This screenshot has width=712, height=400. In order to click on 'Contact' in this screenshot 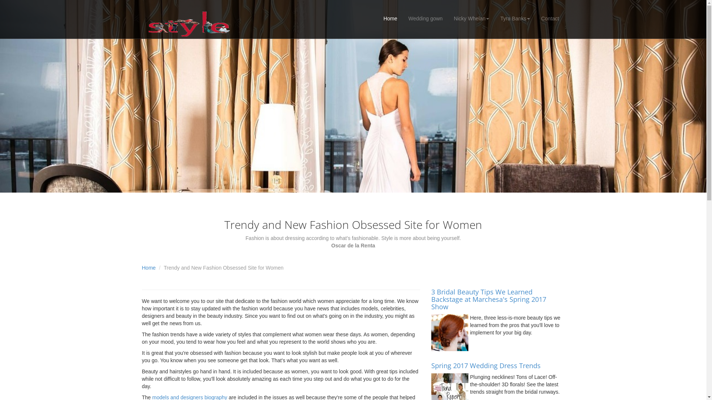, I will do `click(550, 18)`.